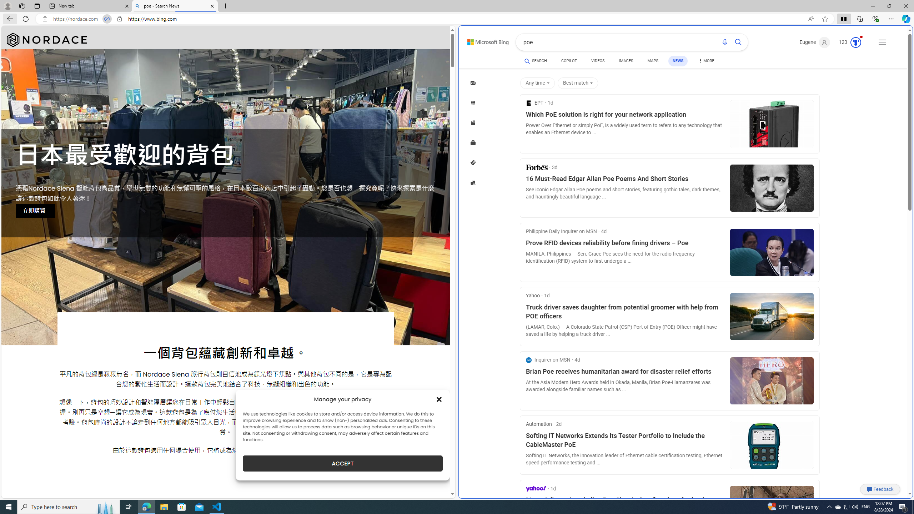 The height and width of the screenshot is (514, 914). What do you see at coordinates (538, 83) in the screenshot?
I see `'Any time'` at bounding box center [538, 83].